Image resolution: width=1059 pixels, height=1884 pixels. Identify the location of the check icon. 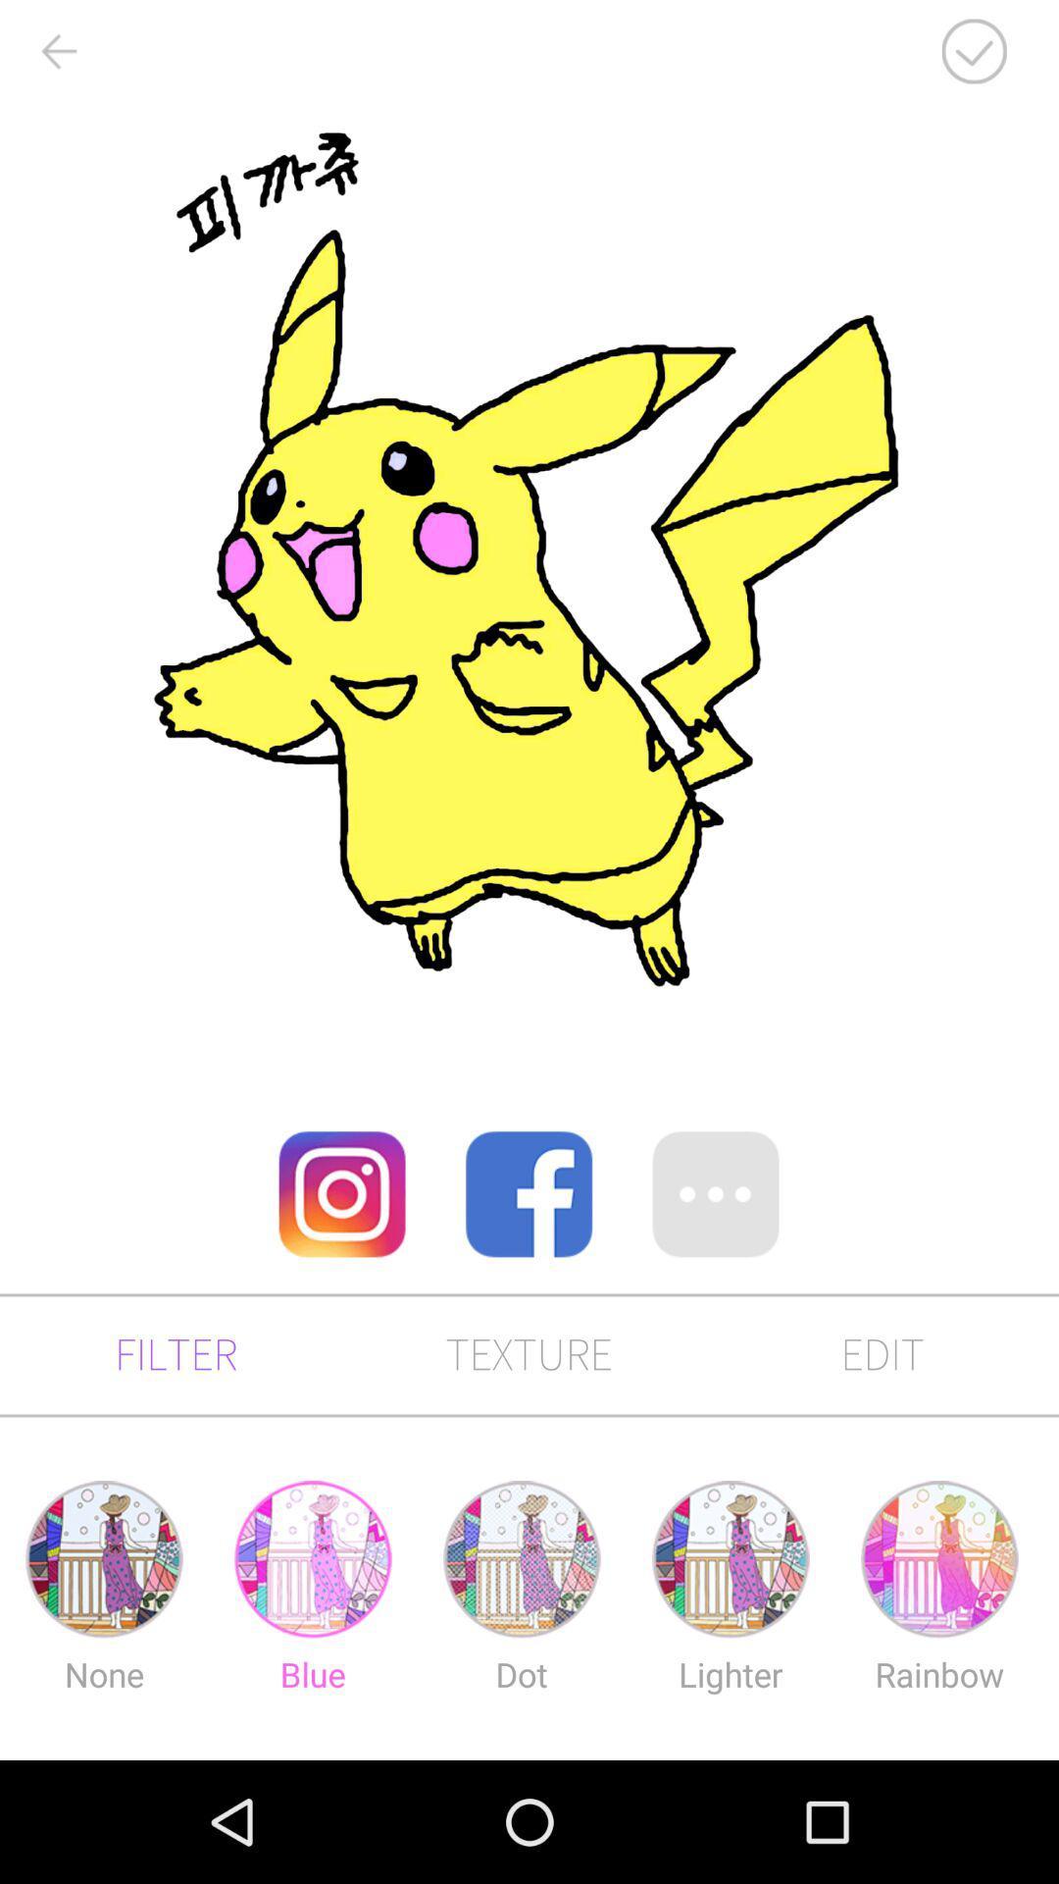
(974, 51).